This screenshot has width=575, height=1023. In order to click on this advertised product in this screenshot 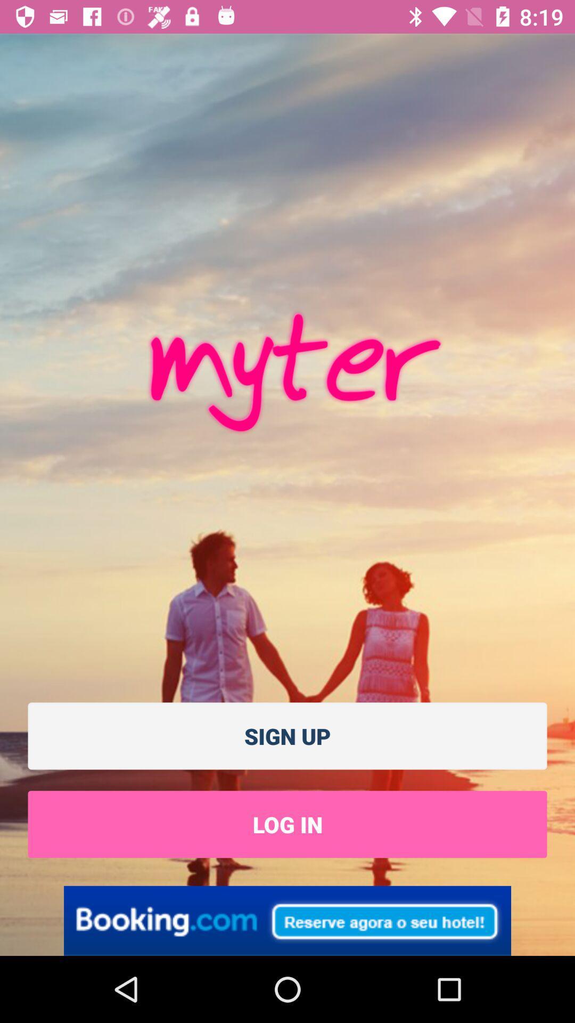, I will do `click(287, 920)`.